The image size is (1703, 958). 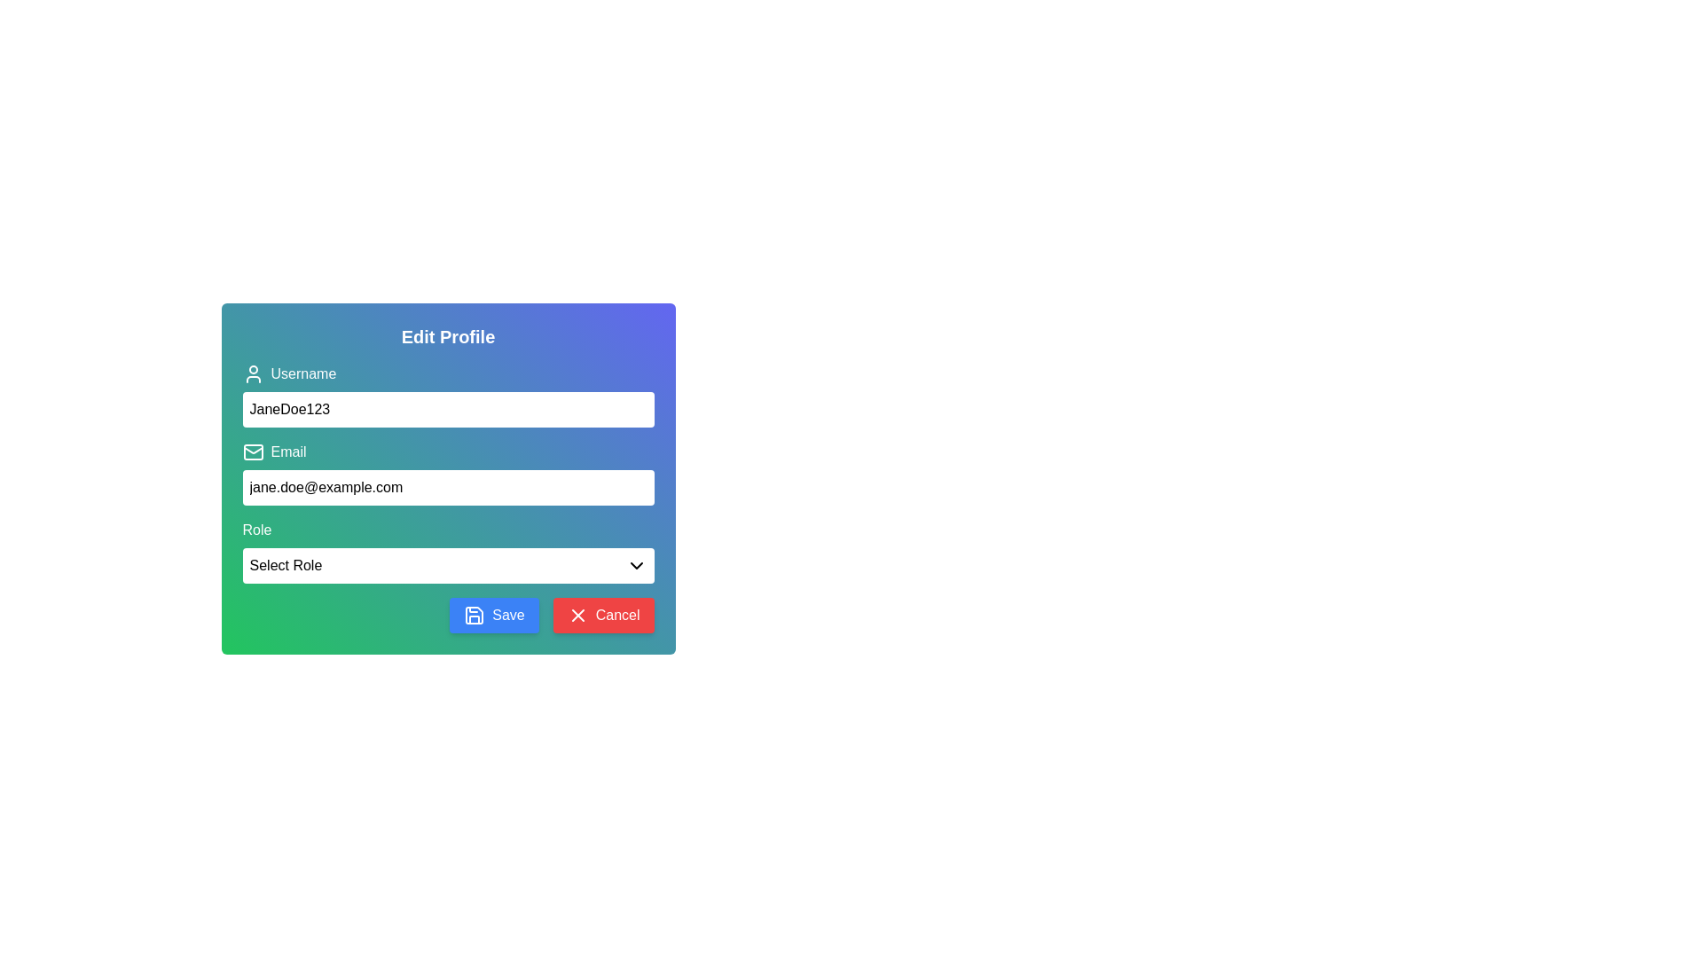 I want to click on the 'Select Role' dropdown menu, so click(x=448, y=565).